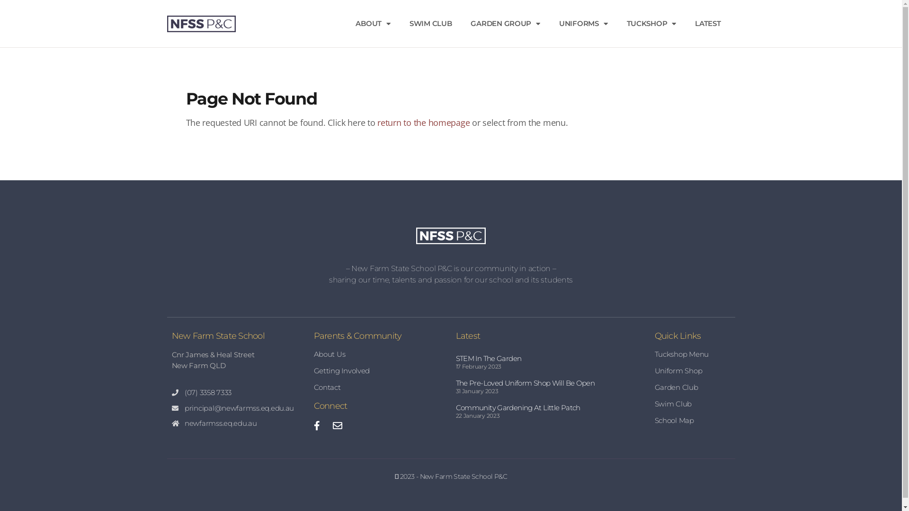  I want to click on 'Uniform Shop', so click(692, 370).